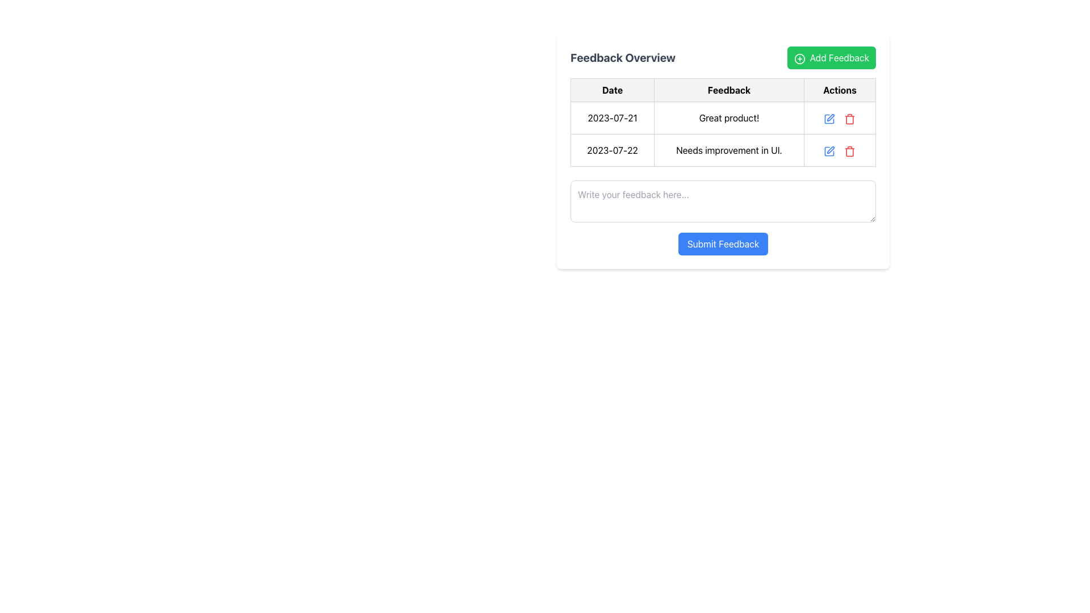 This screenshot has width=1090, height=613. Describe the element at coordinates (612, 150) in the screenshot. I see `the table cell containing the date '2023-07-22', which is located in the second row under the 'Date' column` at that location.